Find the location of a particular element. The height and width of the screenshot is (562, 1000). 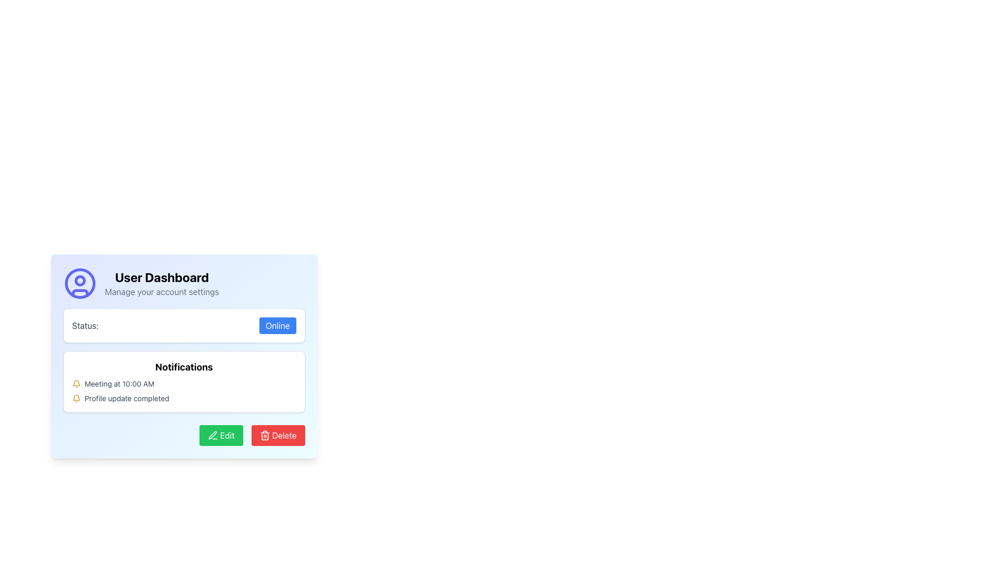

the graphical icon component representing a facial feature within the user profile icon, located centrally within the larger circular user-avatar icon is located at coordinates (79, 280).